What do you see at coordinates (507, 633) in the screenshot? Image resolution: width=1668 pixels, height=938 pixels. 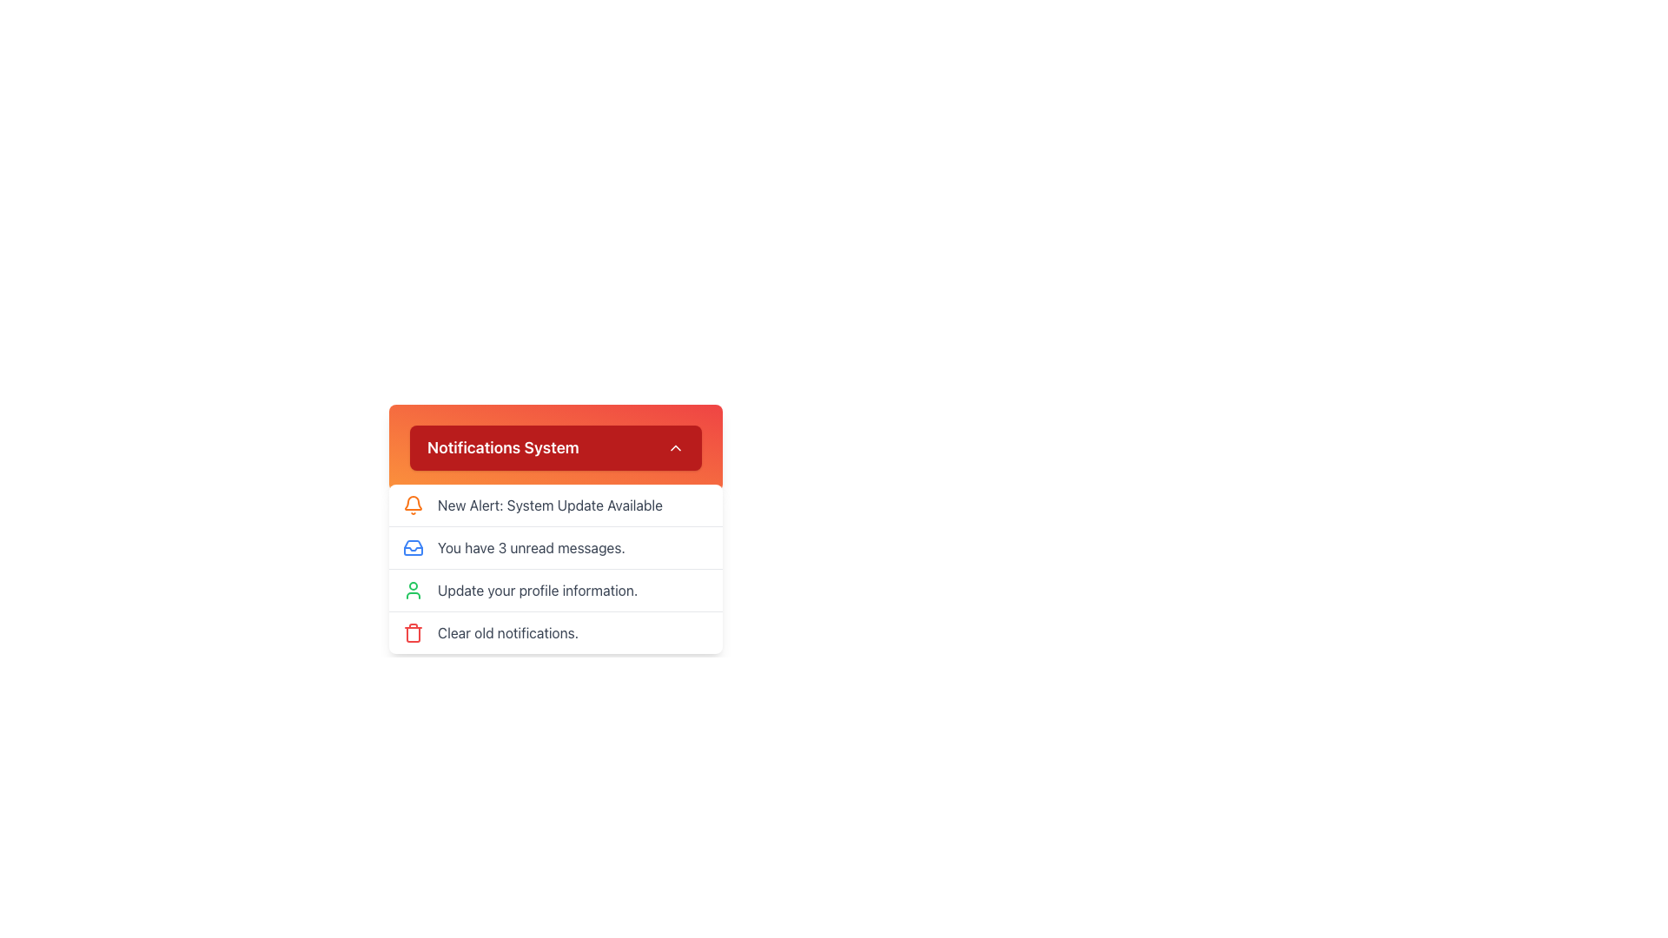 I see `the descriptive label for clearing old notifications located in the dropdown menu under the 'Notifications System' header, which is the last item in the list` at bounding box center [507, 633].